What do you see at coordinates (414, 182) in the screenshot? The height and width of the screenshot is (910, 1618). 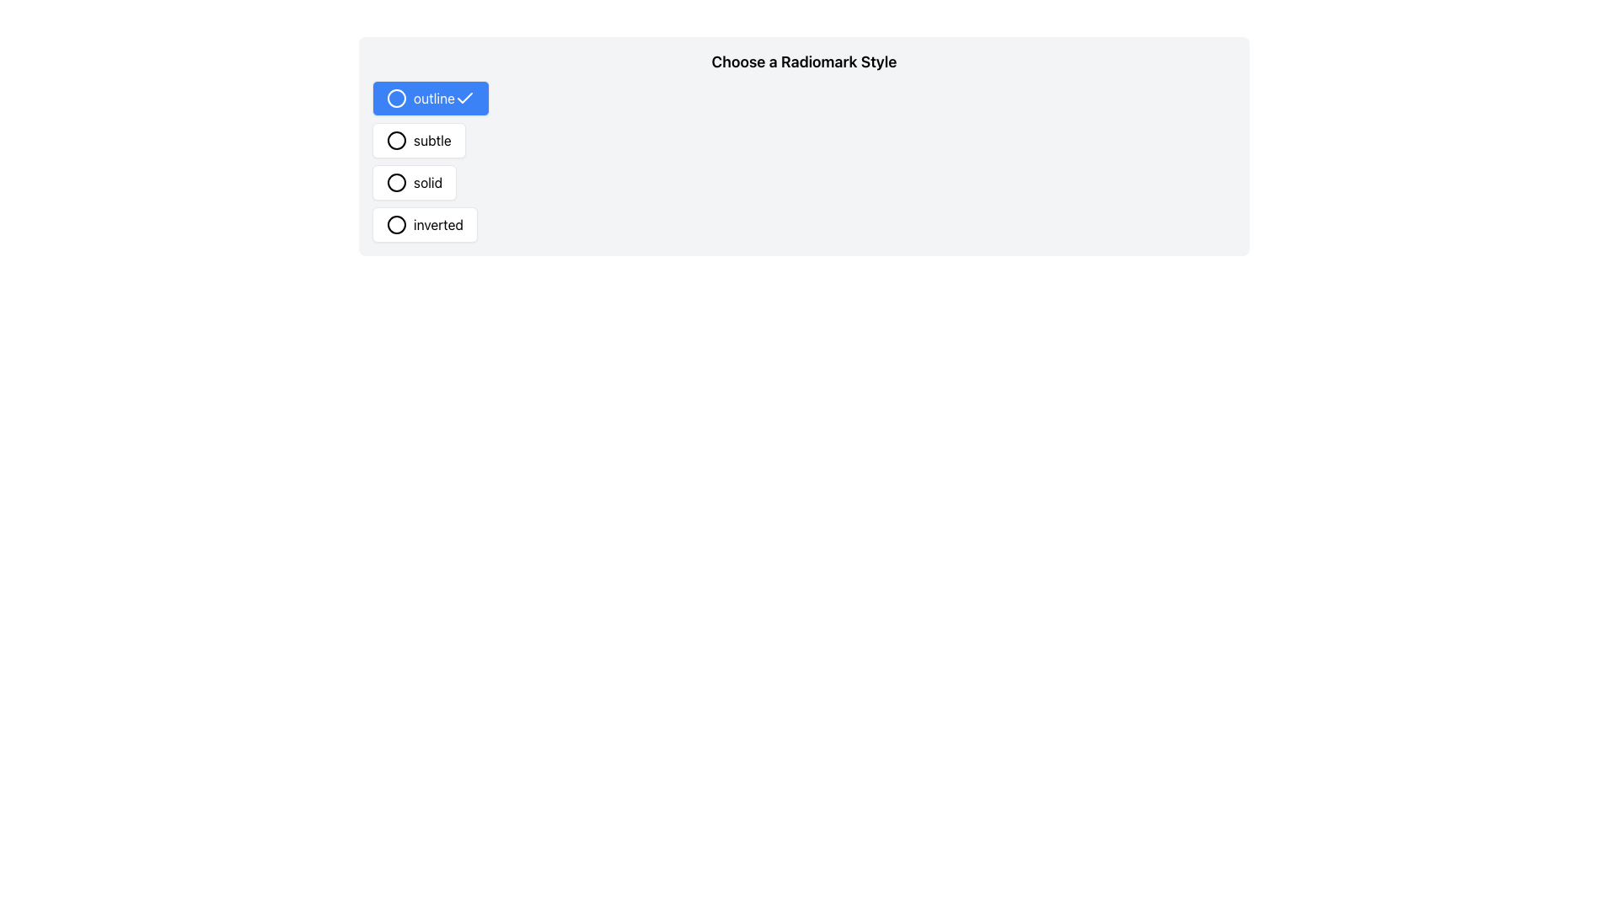 I see `the 'solid' radio button option under the 'Choose a Radiomark Style' heading` at bounding box center [414, 182].